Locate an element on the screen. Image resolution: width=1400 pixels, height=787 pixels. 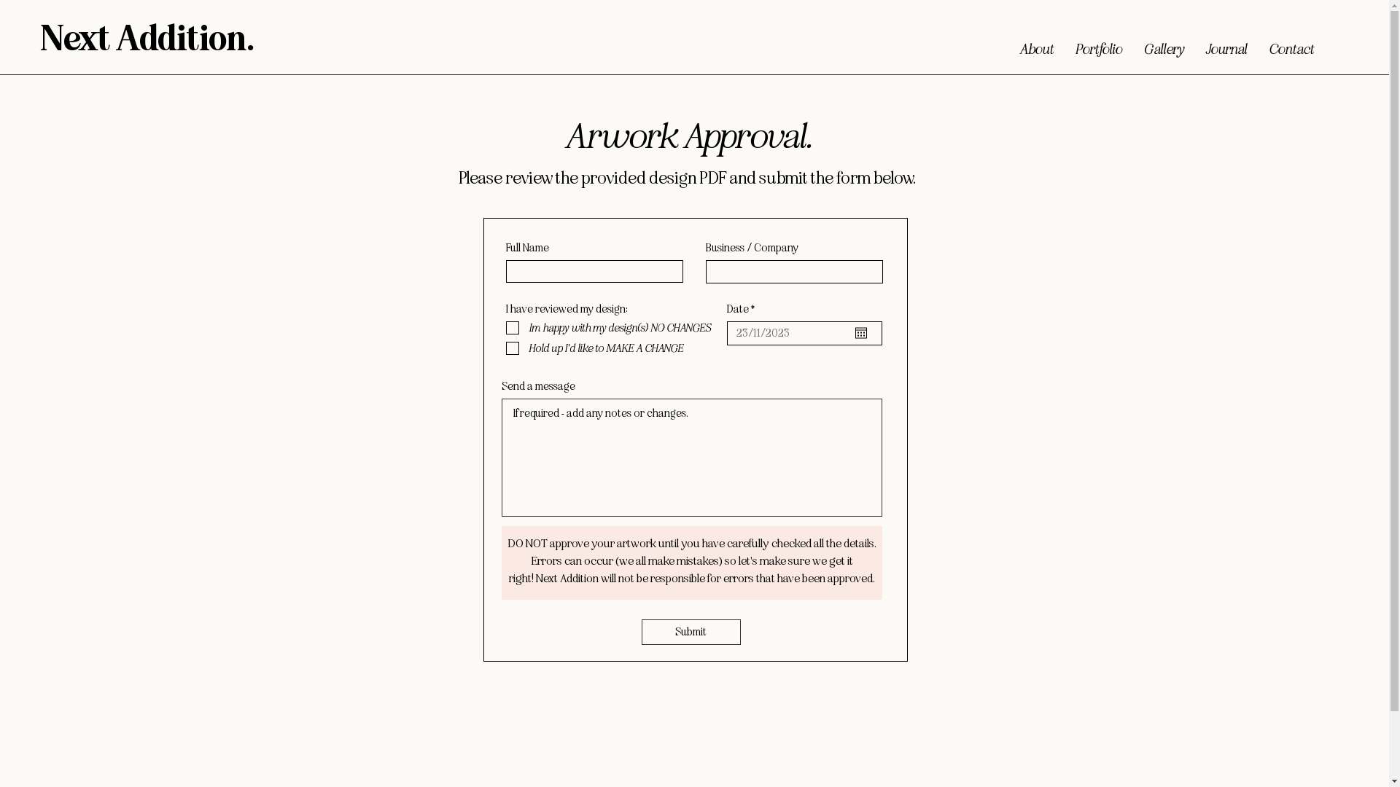
'About' is located at coordinates (1035, 44).